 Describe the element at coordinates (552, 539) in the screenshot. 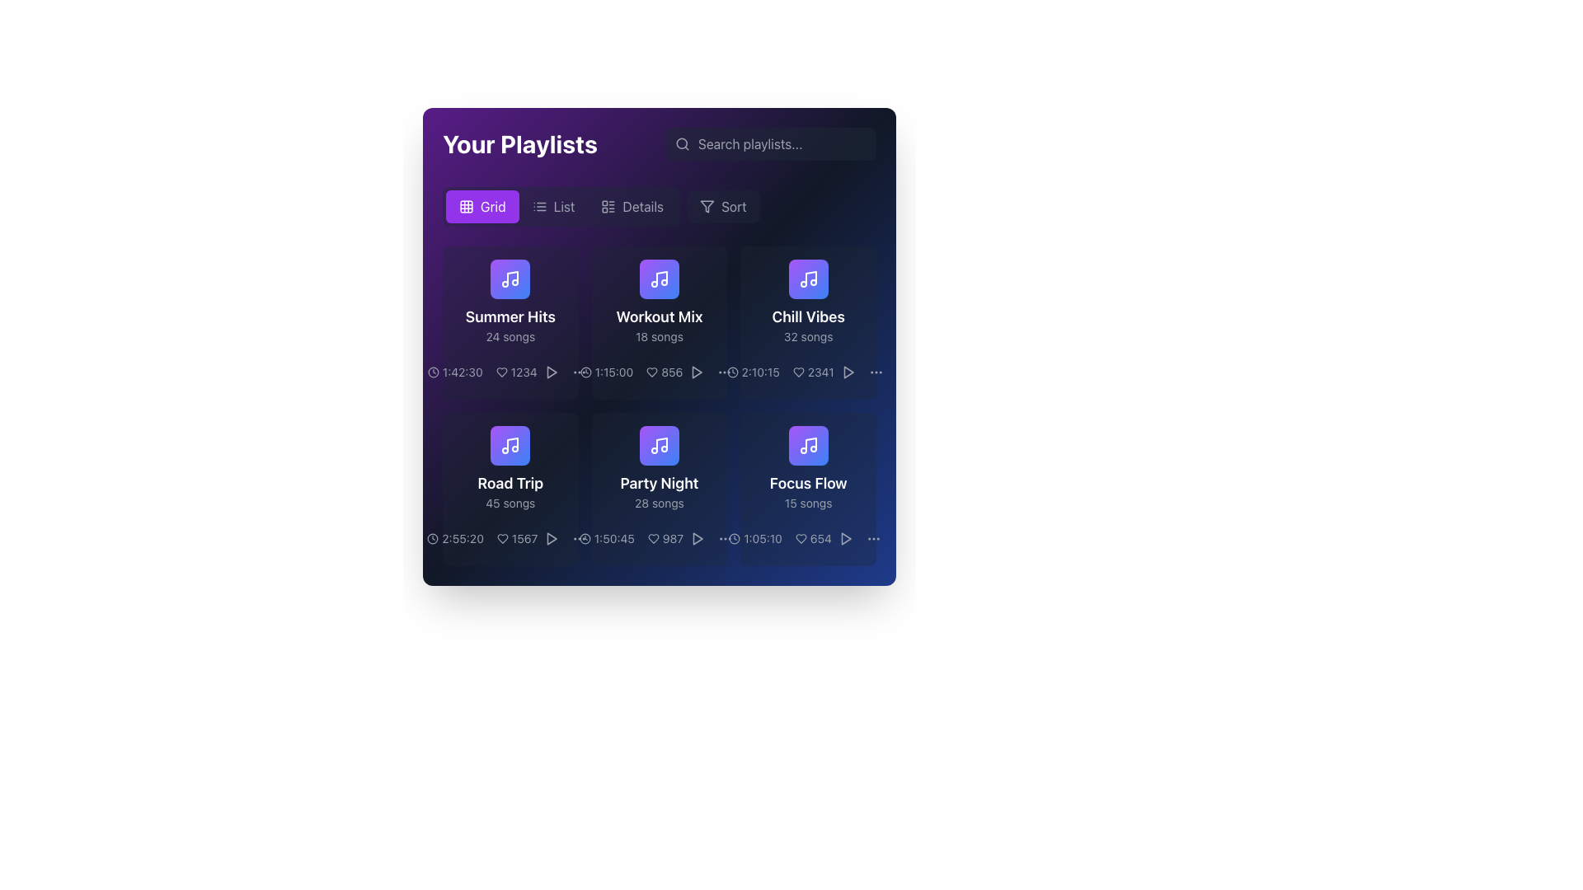

I see `the circular play button with a play icon to play the 'Road Trip' playlist located in the 'Your Playlists' section` at that location.